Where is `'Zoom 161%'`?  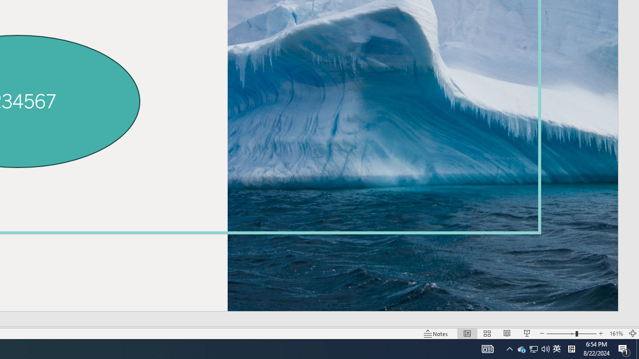 'Zoom 161%' is located at coordinates (616, 334).